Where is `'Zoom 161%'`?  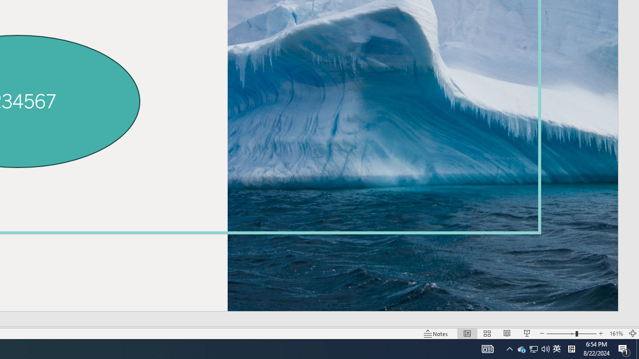 'Zoom 161%' is located at coordinates (616, 334).